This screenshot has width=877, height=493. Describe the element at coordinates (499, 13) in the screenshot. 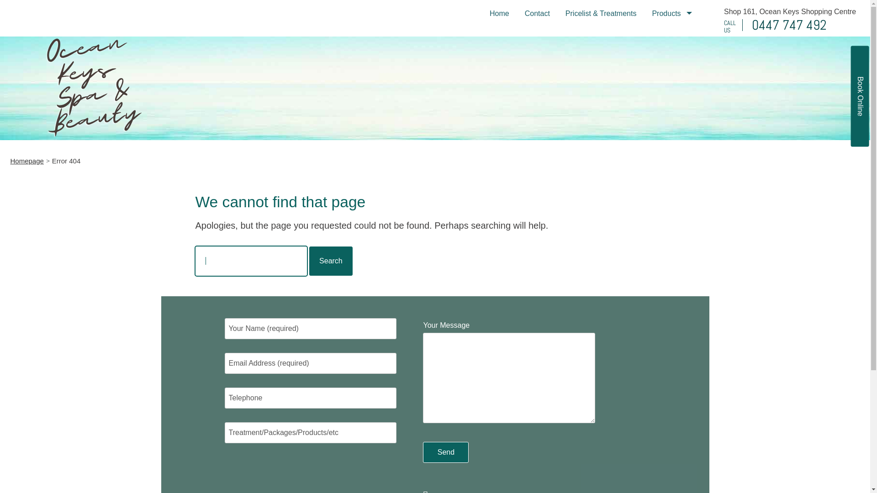

I see `'Home'` at that location.